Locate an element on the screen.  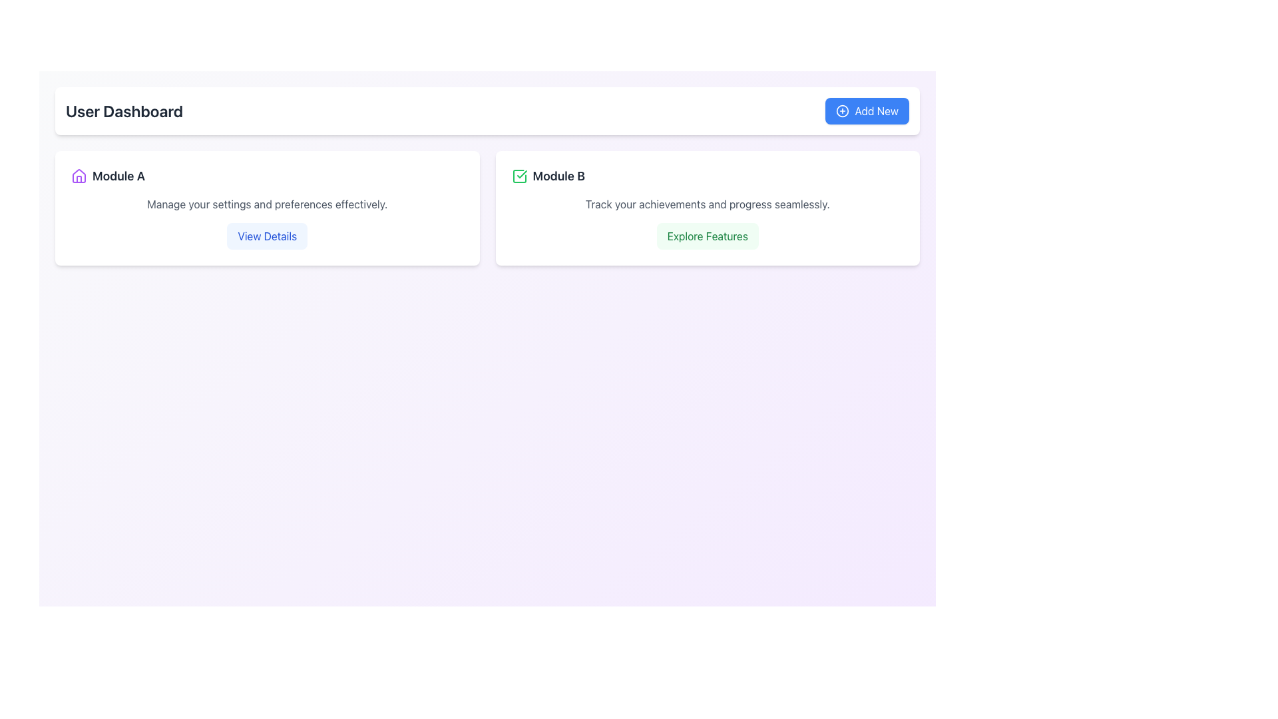
the 'Module B' text label which is bold, dark gray, and located beside a green check icon is located at coordinates (558, 176).